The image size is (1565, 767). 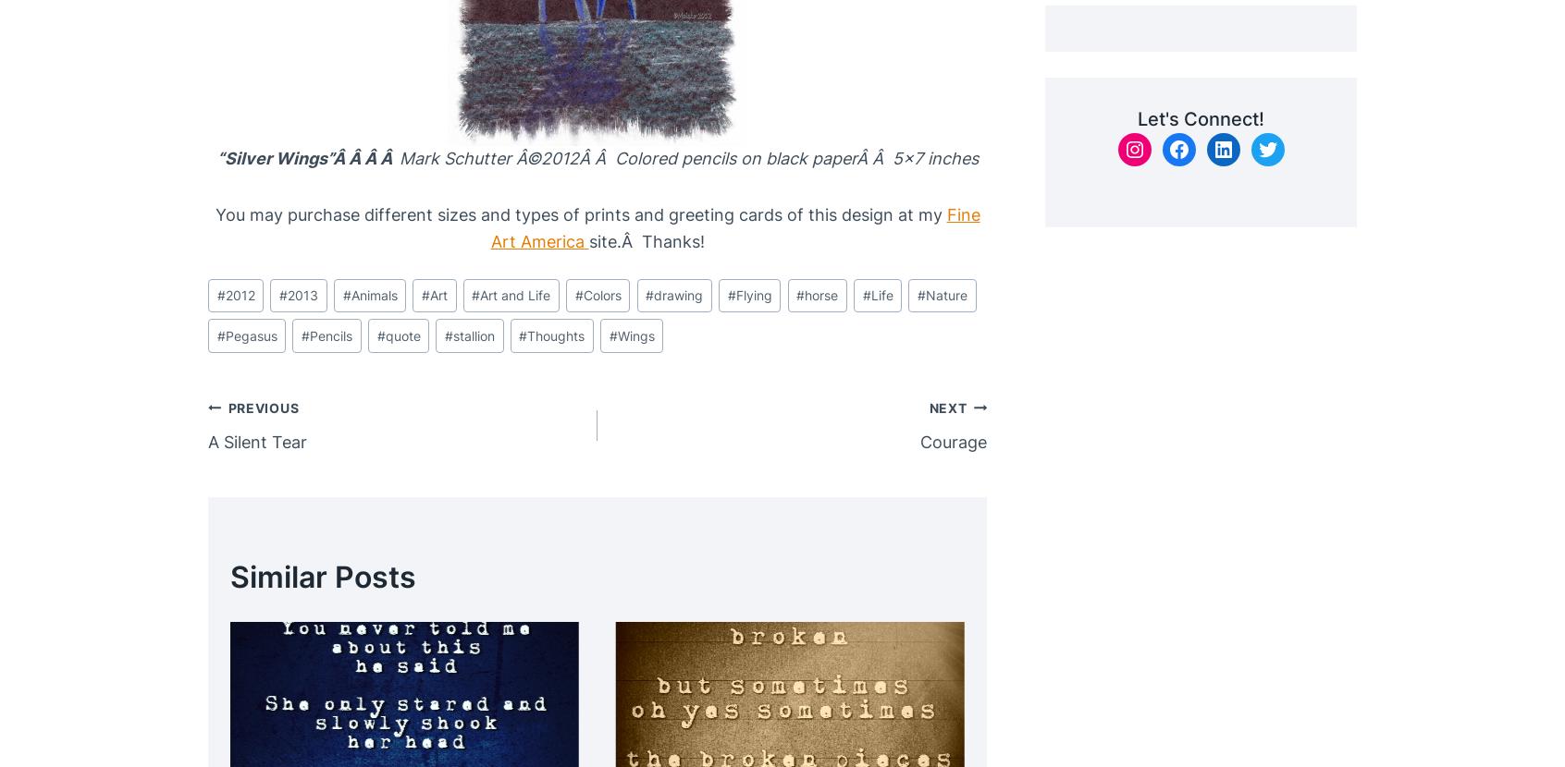 What do you see at coordinates (437, 294) in the screenshot?
I see `'Art'` at bounding box center [437, 294].